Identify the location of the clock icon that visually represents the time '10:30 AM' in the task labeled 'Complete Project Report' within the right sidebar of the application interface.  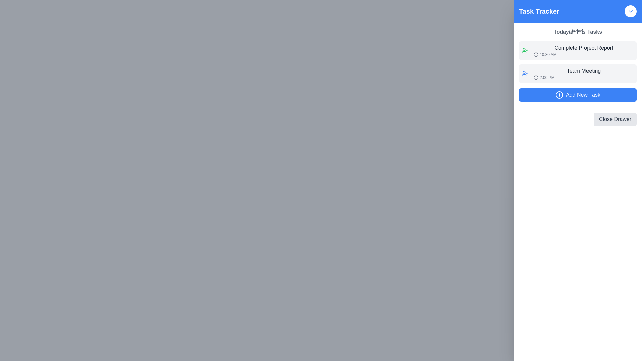
(536, 54).